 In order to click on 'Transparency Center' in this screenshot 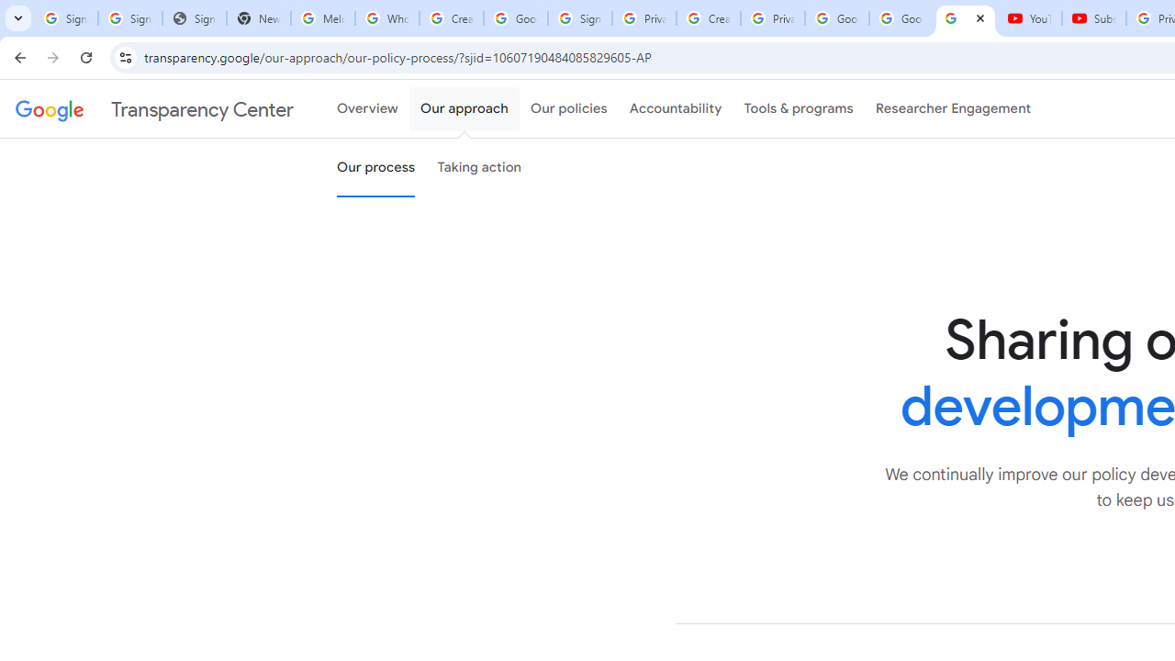, I will do `click(154, 109)`.